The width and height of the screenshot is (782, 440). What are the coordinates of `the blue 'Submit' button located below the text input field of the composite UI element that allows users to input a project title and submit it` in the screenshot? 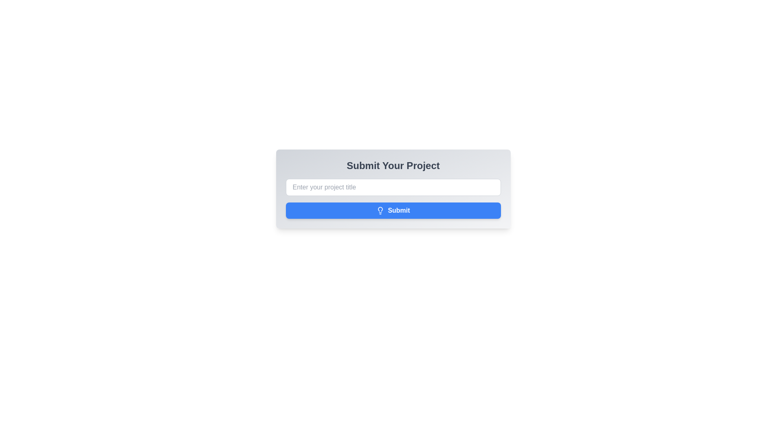 It's located at (393, 199).